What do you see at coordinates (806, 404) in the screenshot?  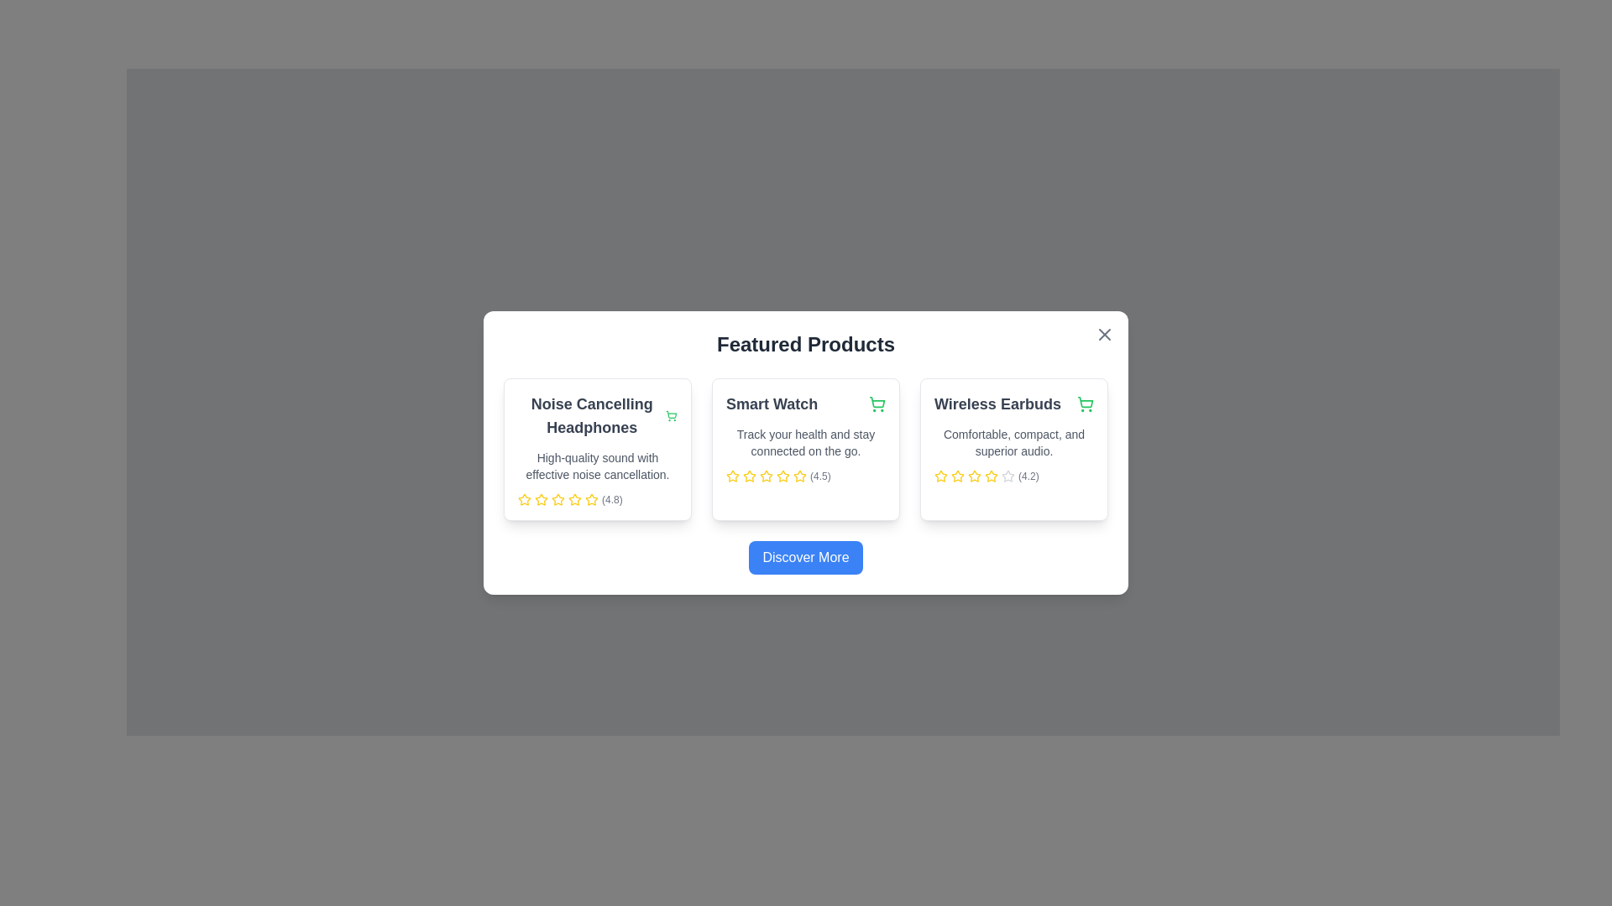 I see `the 'Smart Watch' text label, which is bold and large in black, positioned in the top center of the middle card within the 'Featured Products' modal` at bounding box center [806, 404].